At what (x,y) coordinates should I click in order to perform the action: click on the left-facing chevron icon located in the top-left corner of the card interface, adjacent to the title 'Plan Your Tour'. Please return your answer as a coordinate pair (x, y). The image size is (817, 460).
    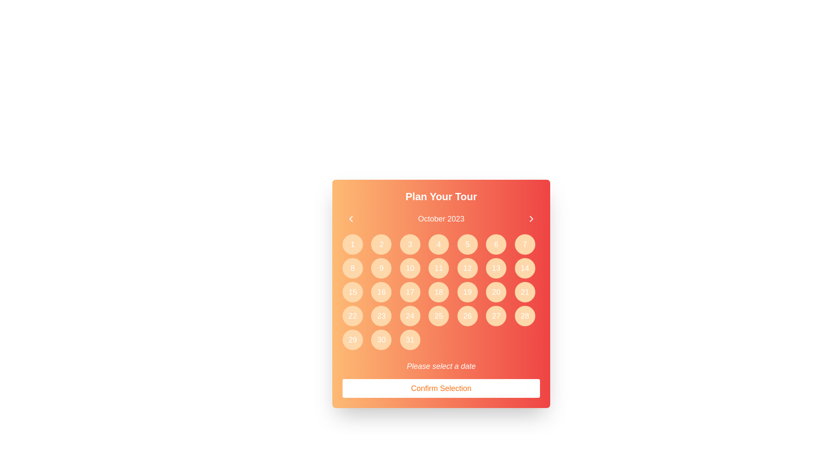
    Looking at the image, I should click on (351, 218).